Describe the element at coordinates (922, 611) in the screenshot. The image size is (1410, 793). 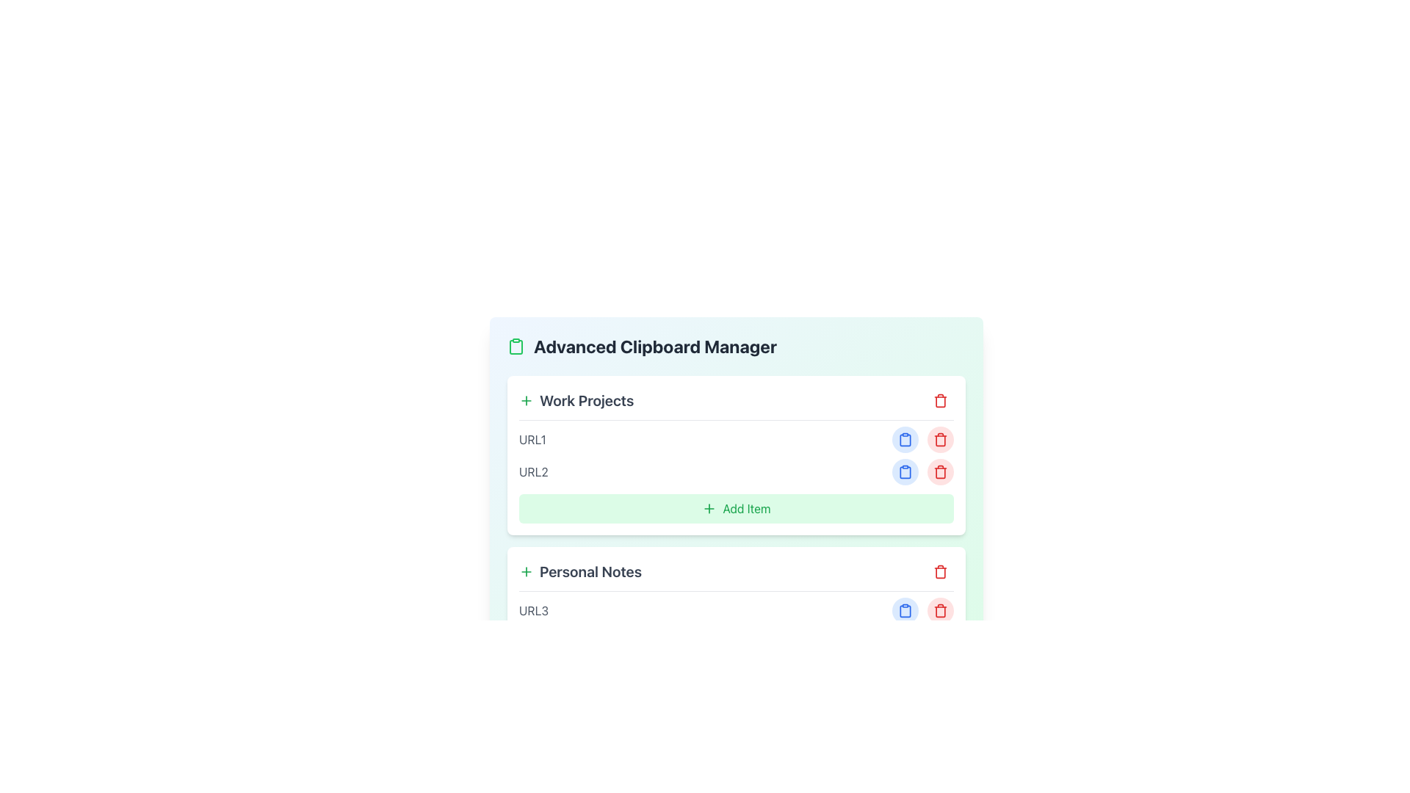
I see `the 'Copy' button in the interactive buttons group associated with the 'URL3' entry` at that location.